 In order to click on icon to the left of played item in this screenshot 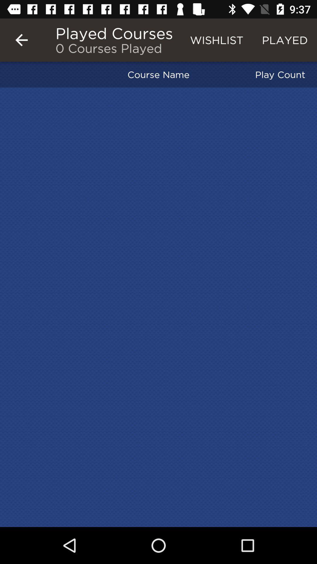, I will do `click(217, 40)`.